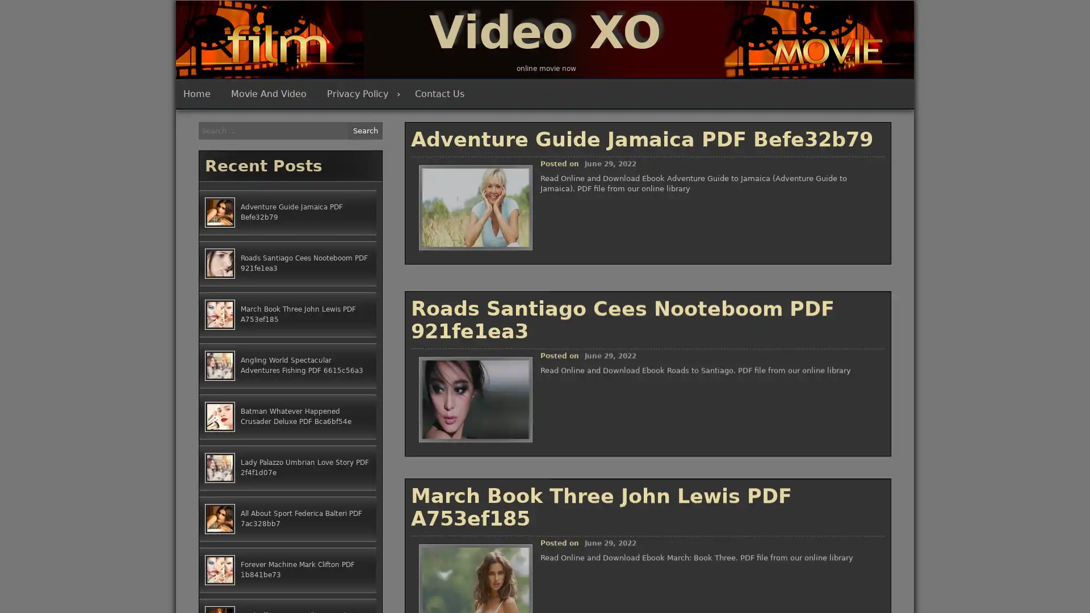  Describe the element at coordinates (365, 130) in the screenshot. I see `Search` at that location.